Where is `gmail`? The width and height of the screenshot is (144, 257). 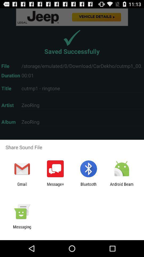 gmail is located at coordinates (22, 186).